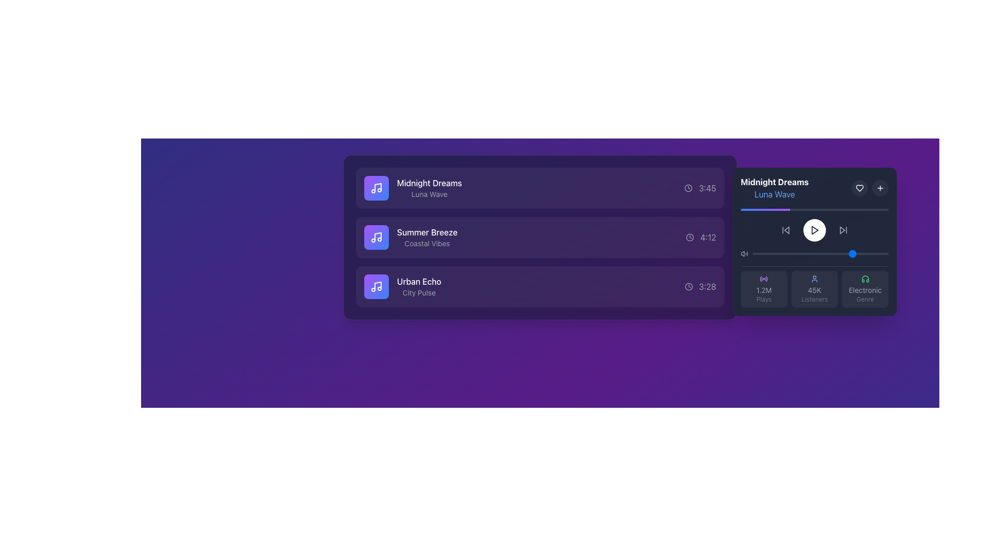 The width and height of the screenshot is (985, 554). Describe the element at coordinates (814, 299) in the screenshot. I see `the text label displaying 'Listeners', which is styled in light-gray and positioned under the numerical label '45K' in the music player interface` at that location.